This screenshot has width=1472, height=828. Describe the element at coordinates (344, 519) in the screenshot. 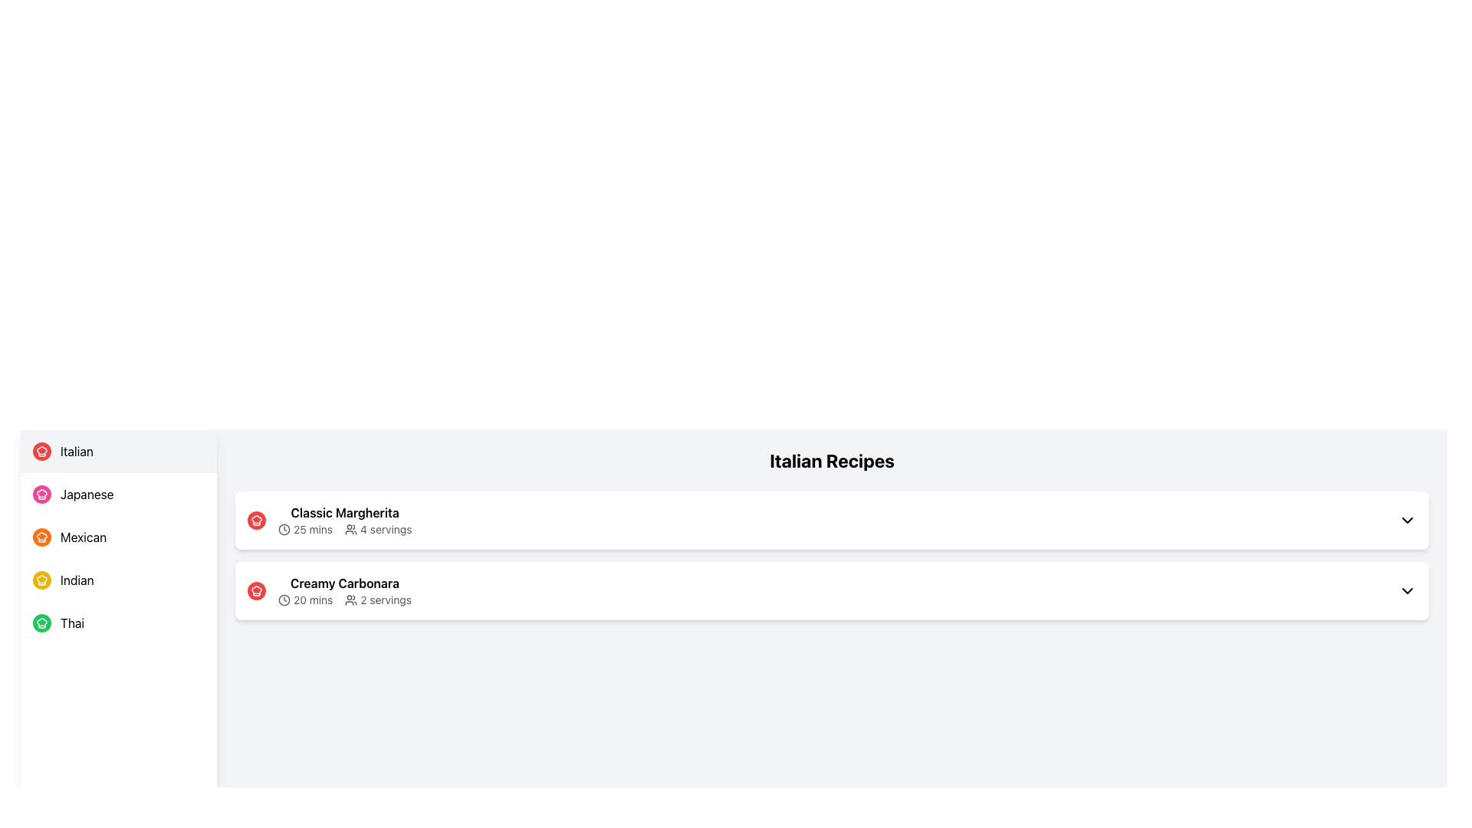

I see `the Subheader element displaying the recipe title 'Classic Margherita' and its details '25 mins' and '4 servings', located in the 'Italian Recipes' section, positioned above 'Creamy Carbonara'` at that location.